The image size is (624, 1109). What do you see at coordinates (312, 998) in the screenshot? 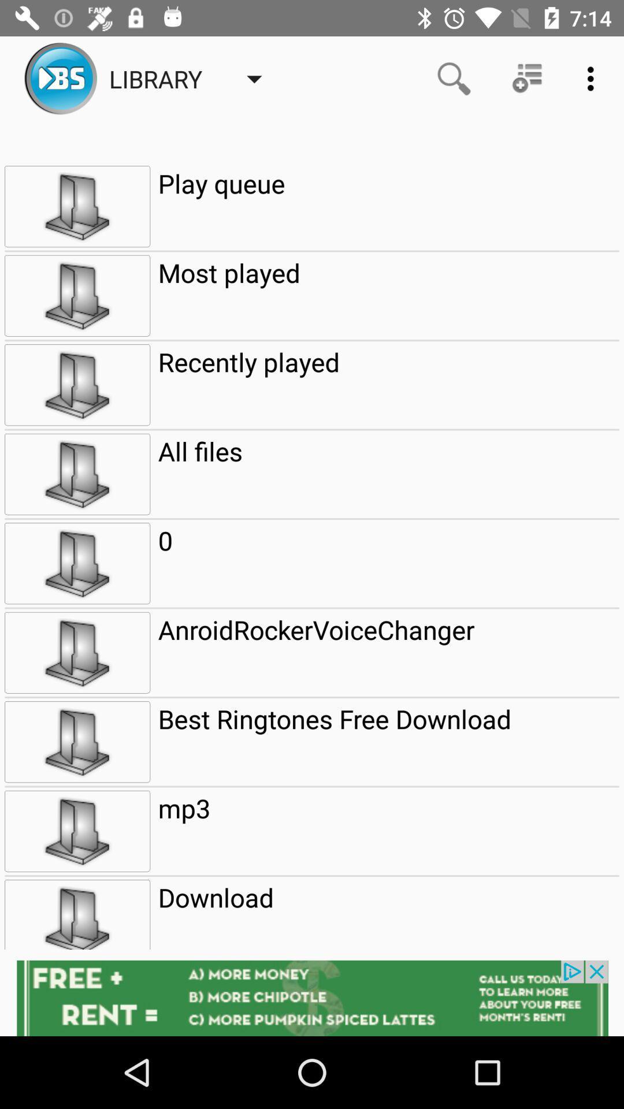
I see `advertisement clicking option` at bounding box center [312, 998].